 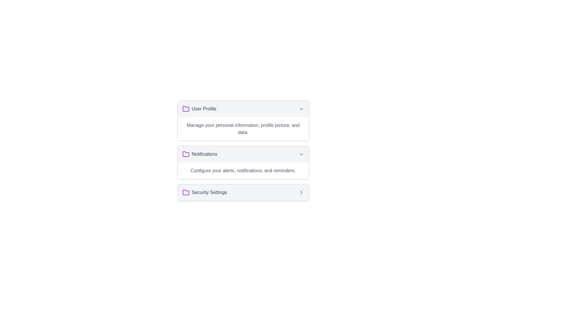 I want to click on description associated with the 'Notifications' text label, which is displayed in a gray font and is part of a layout segment with a folder icon beside it, so click(x=205, y=154).